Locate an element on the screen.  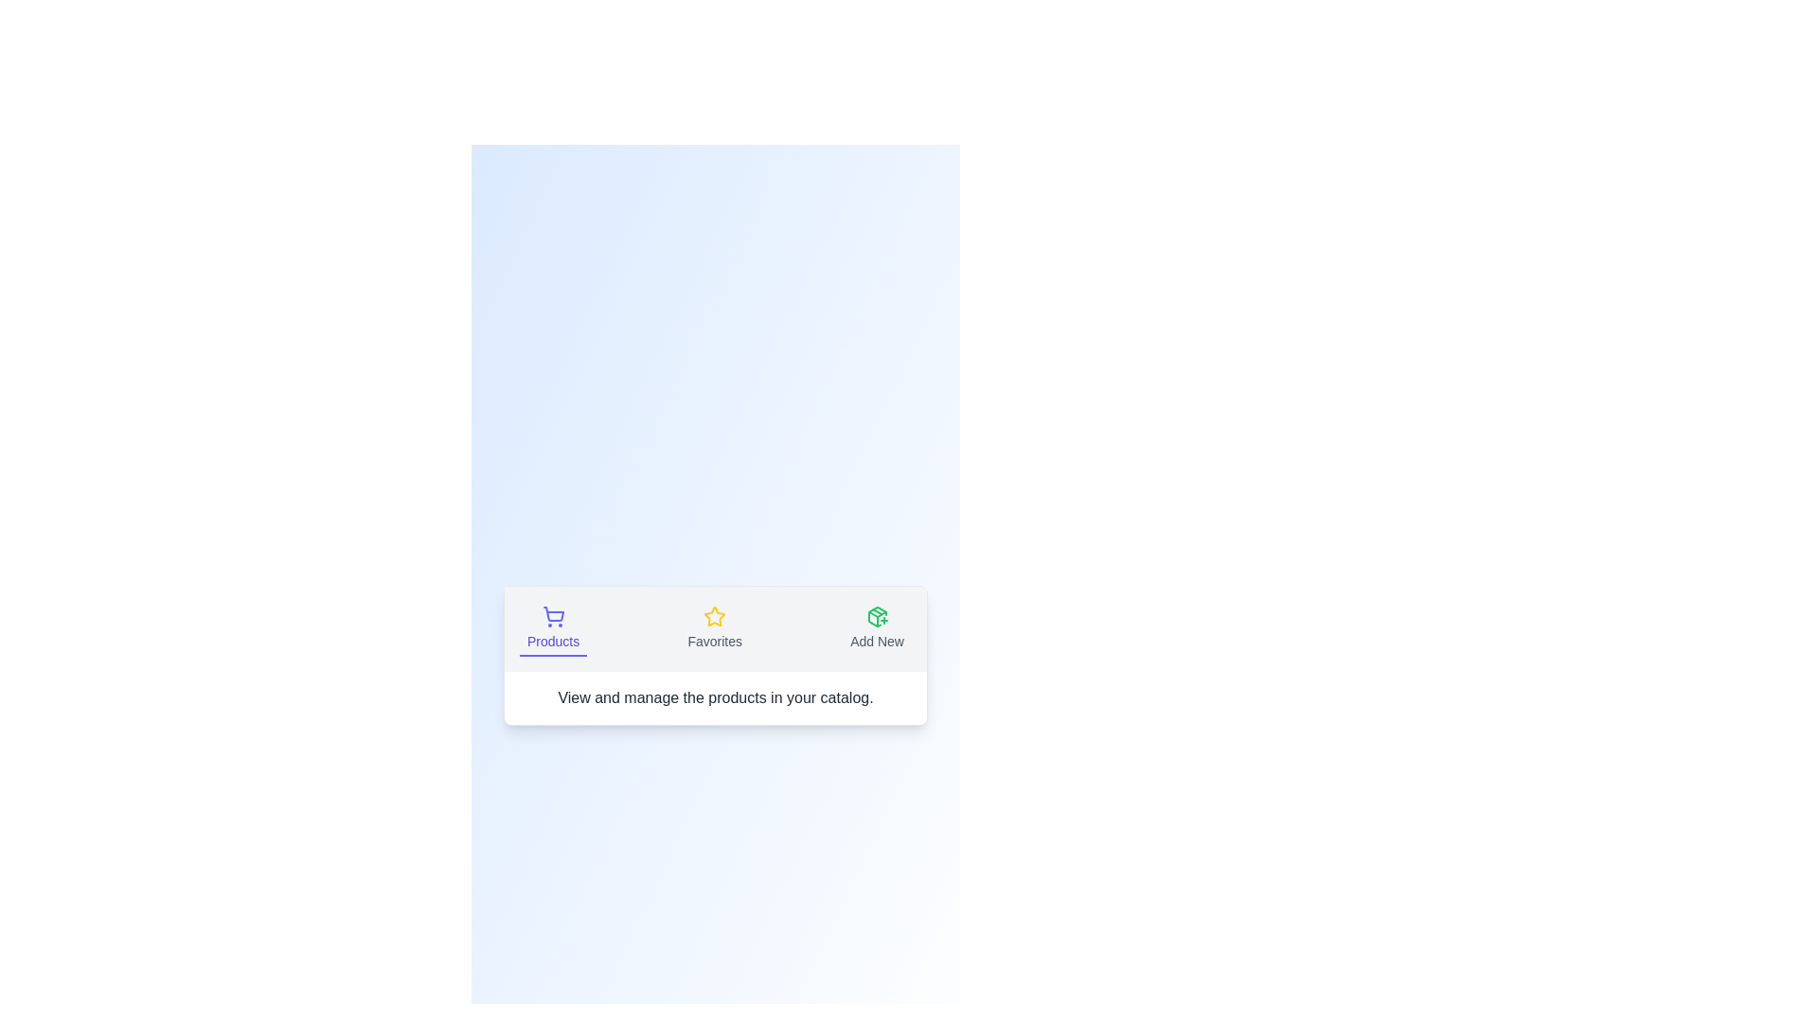
the Favorites tab is located at coordinates (714, 628).